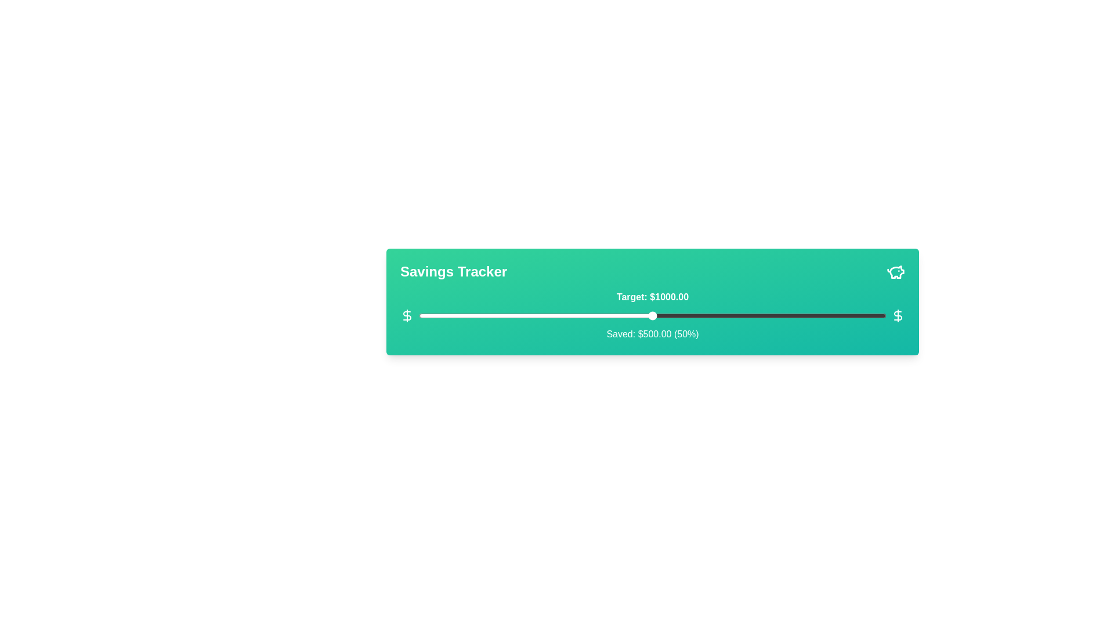 The image size is (1114, 626). What do you see at coordinates (898, 315) in the screenshot?
I see `the dollar sign icon, which is white and located in the bottom-right corner of a green rectangular interface area` at bounding box center [898, 315].